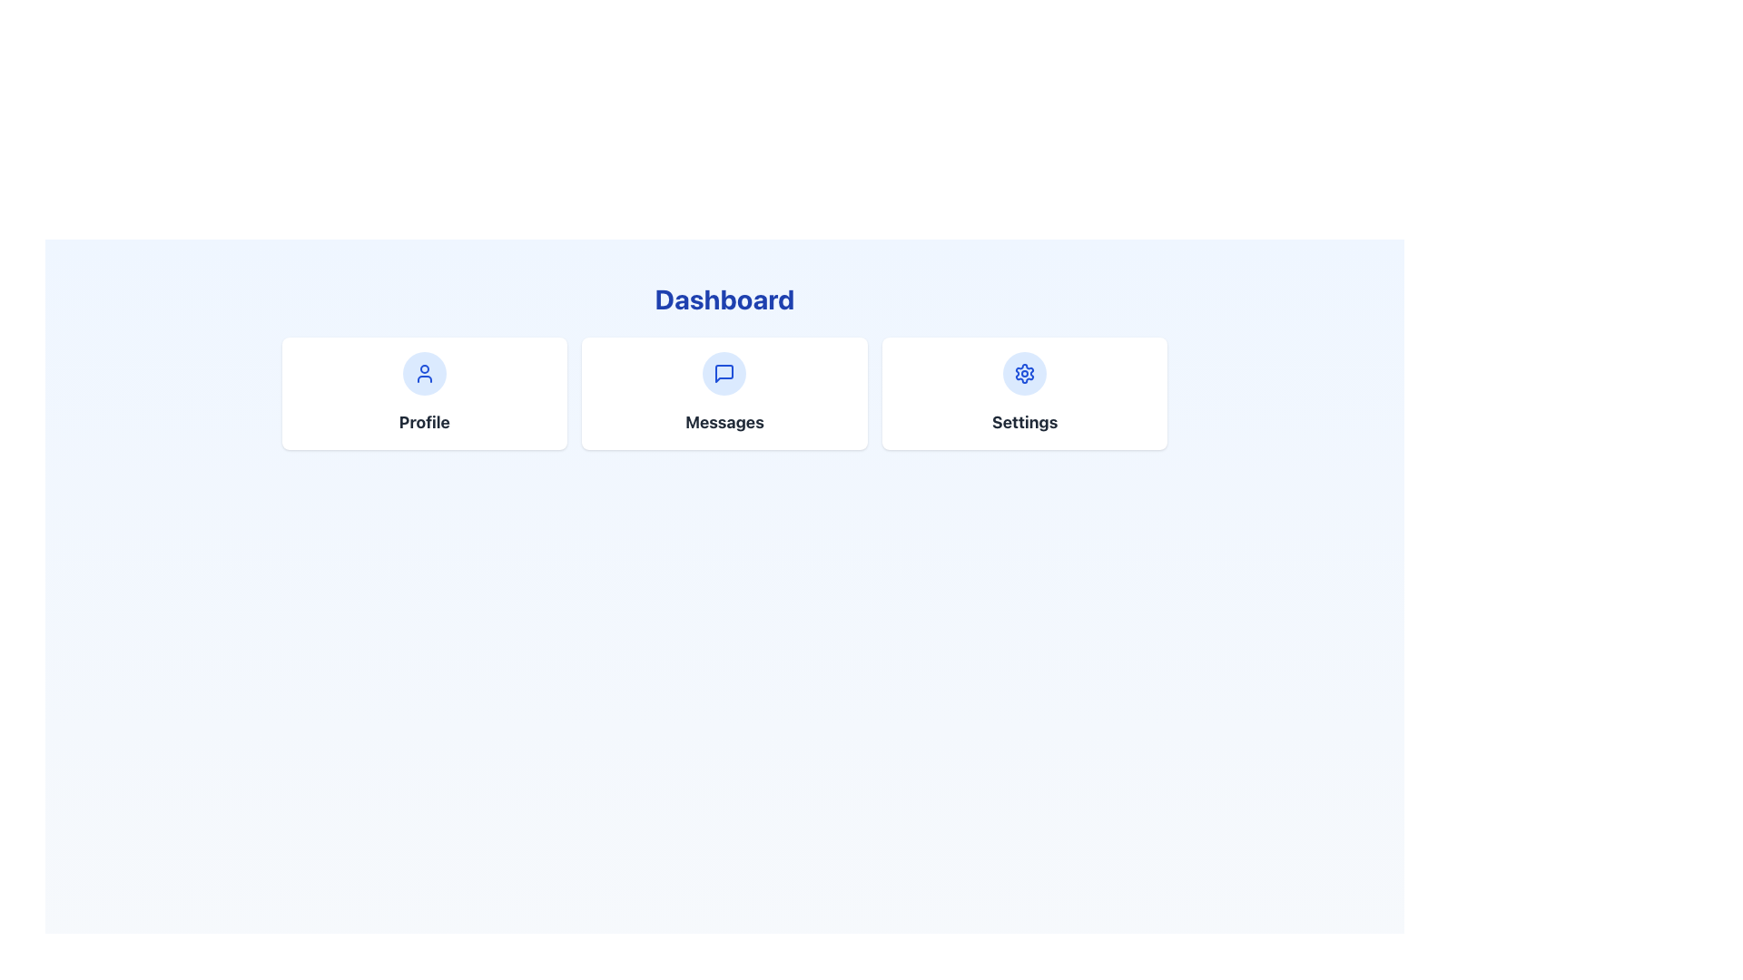 This screenshot has height=980, width=1743. What do you see at coordinates (1025, 373) in the screenshot?
I see `the settings icon, which is a graphical representation located at the center of the light blue circular area in the 'Settings' card on the rightmost side of the row of three cards` at bounding box center [1025, 373].